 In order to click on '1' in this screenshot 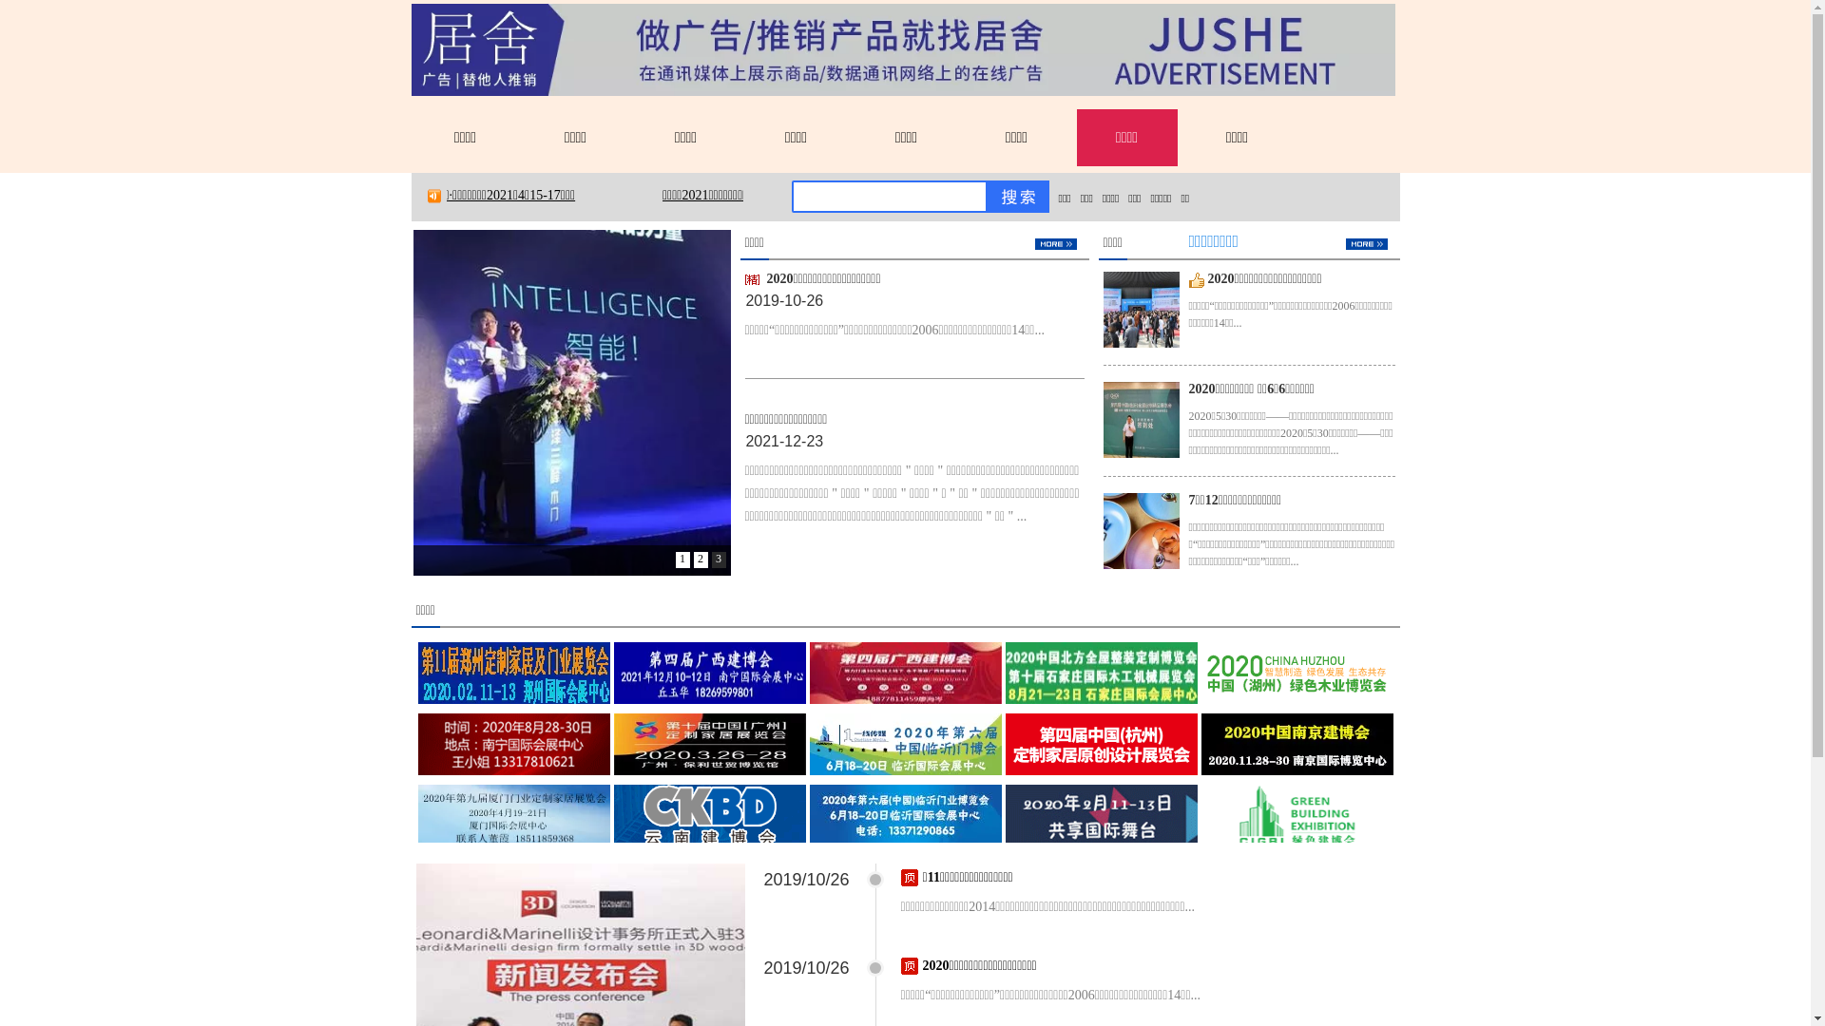, I will do `click(682, 559)`.